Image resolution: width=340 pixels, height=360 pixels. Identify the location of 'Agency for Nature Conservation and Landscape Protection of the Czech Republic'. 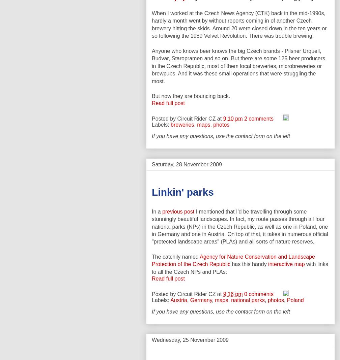
(233, 260).